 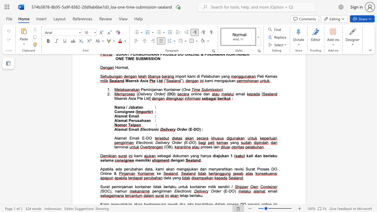 I want to click on the space between the continuous character "O" and "C" in the text, so click(x=107, y=191).